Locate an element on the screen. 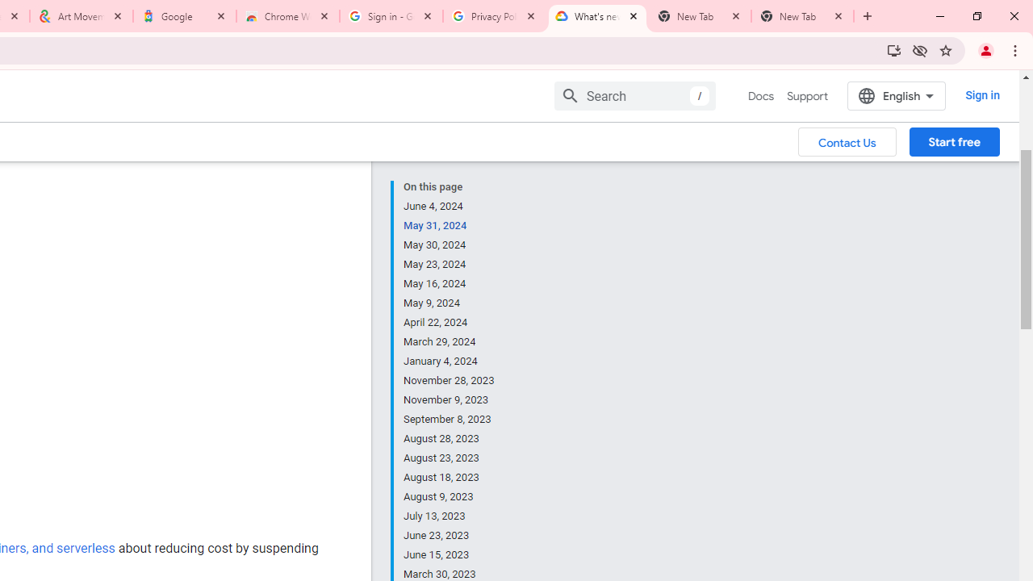 The width and height of the screenshot is (1033, 581). 'April 22, 2024' is located at coordinates (450, 322).